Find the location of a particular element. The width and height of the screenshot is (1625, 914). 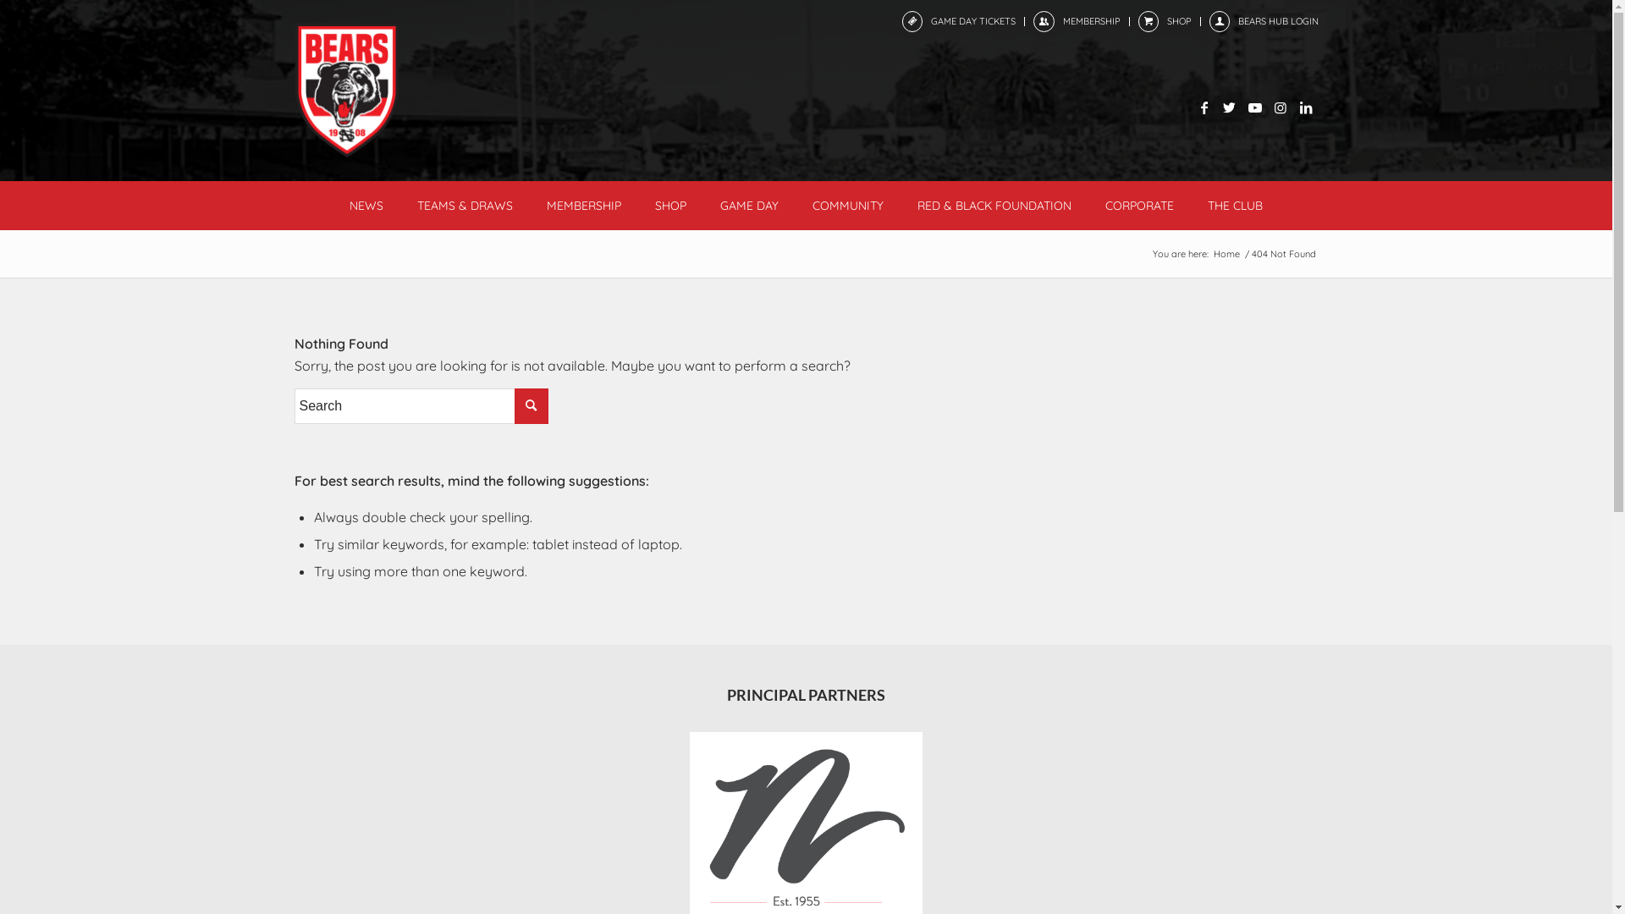

'GAME DAY TICKETS' is located at coordinates (929, 20).